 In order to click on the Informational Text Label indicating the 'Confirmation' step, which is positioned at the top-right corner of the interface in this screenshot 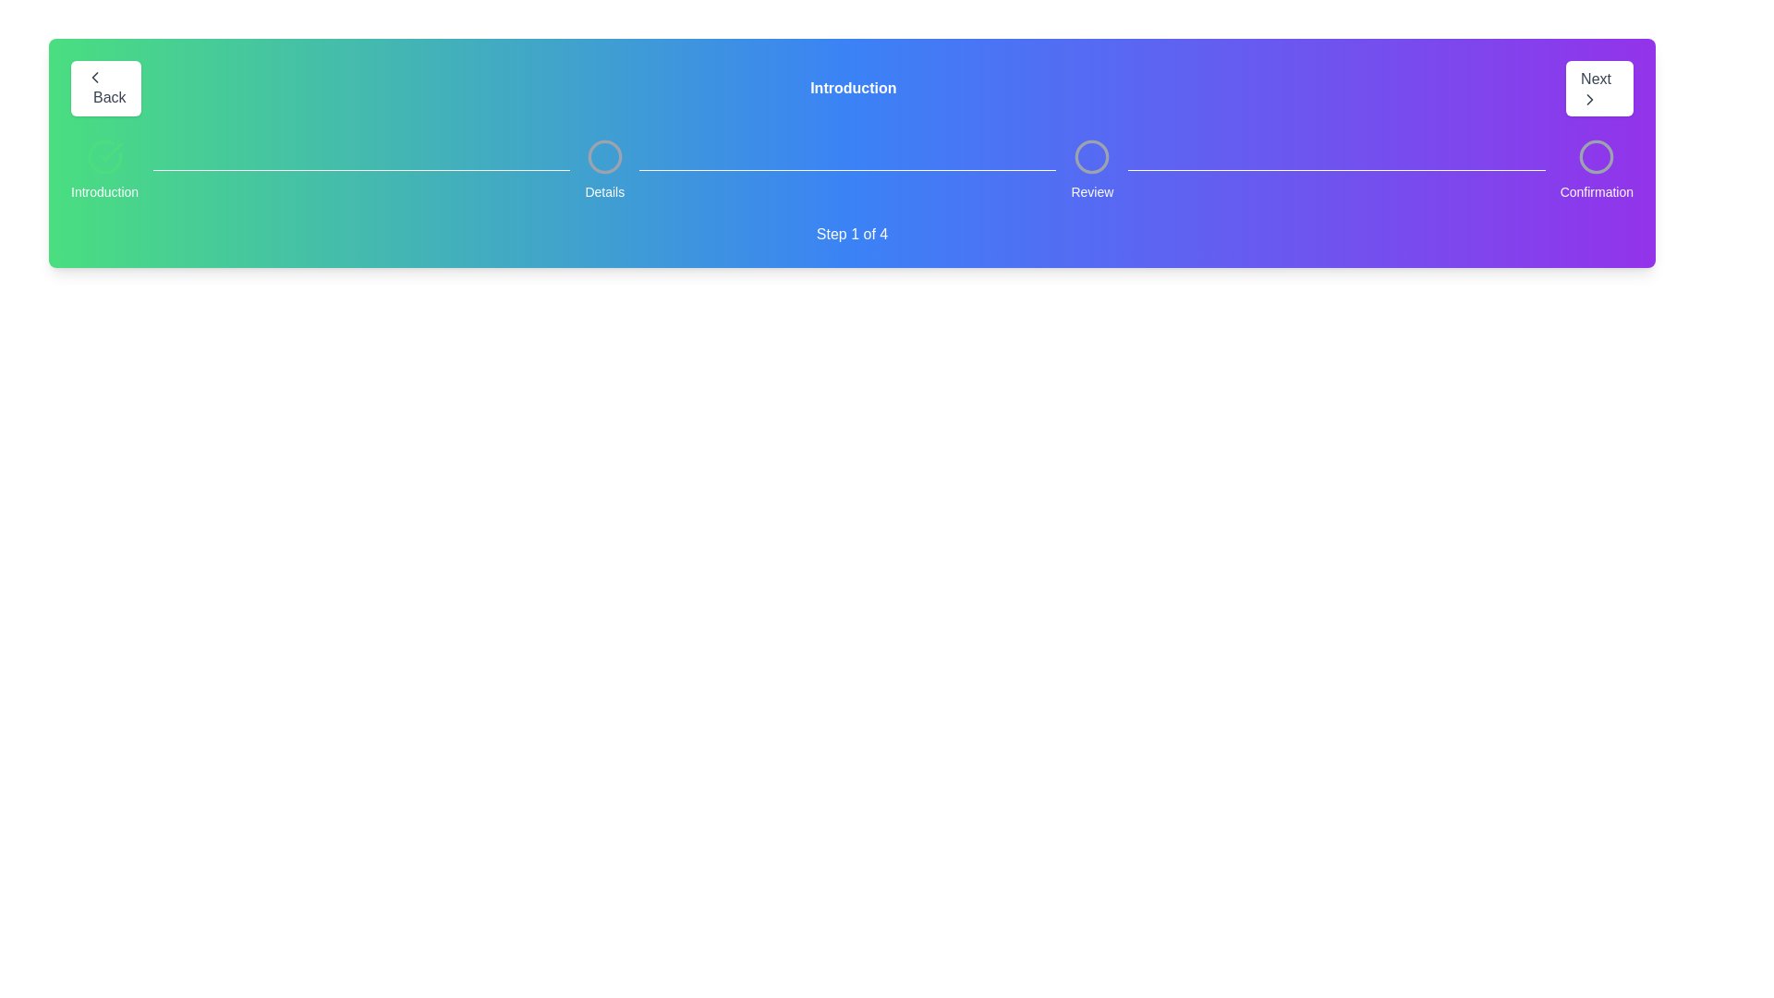, I will do `click(1596, 192)`.